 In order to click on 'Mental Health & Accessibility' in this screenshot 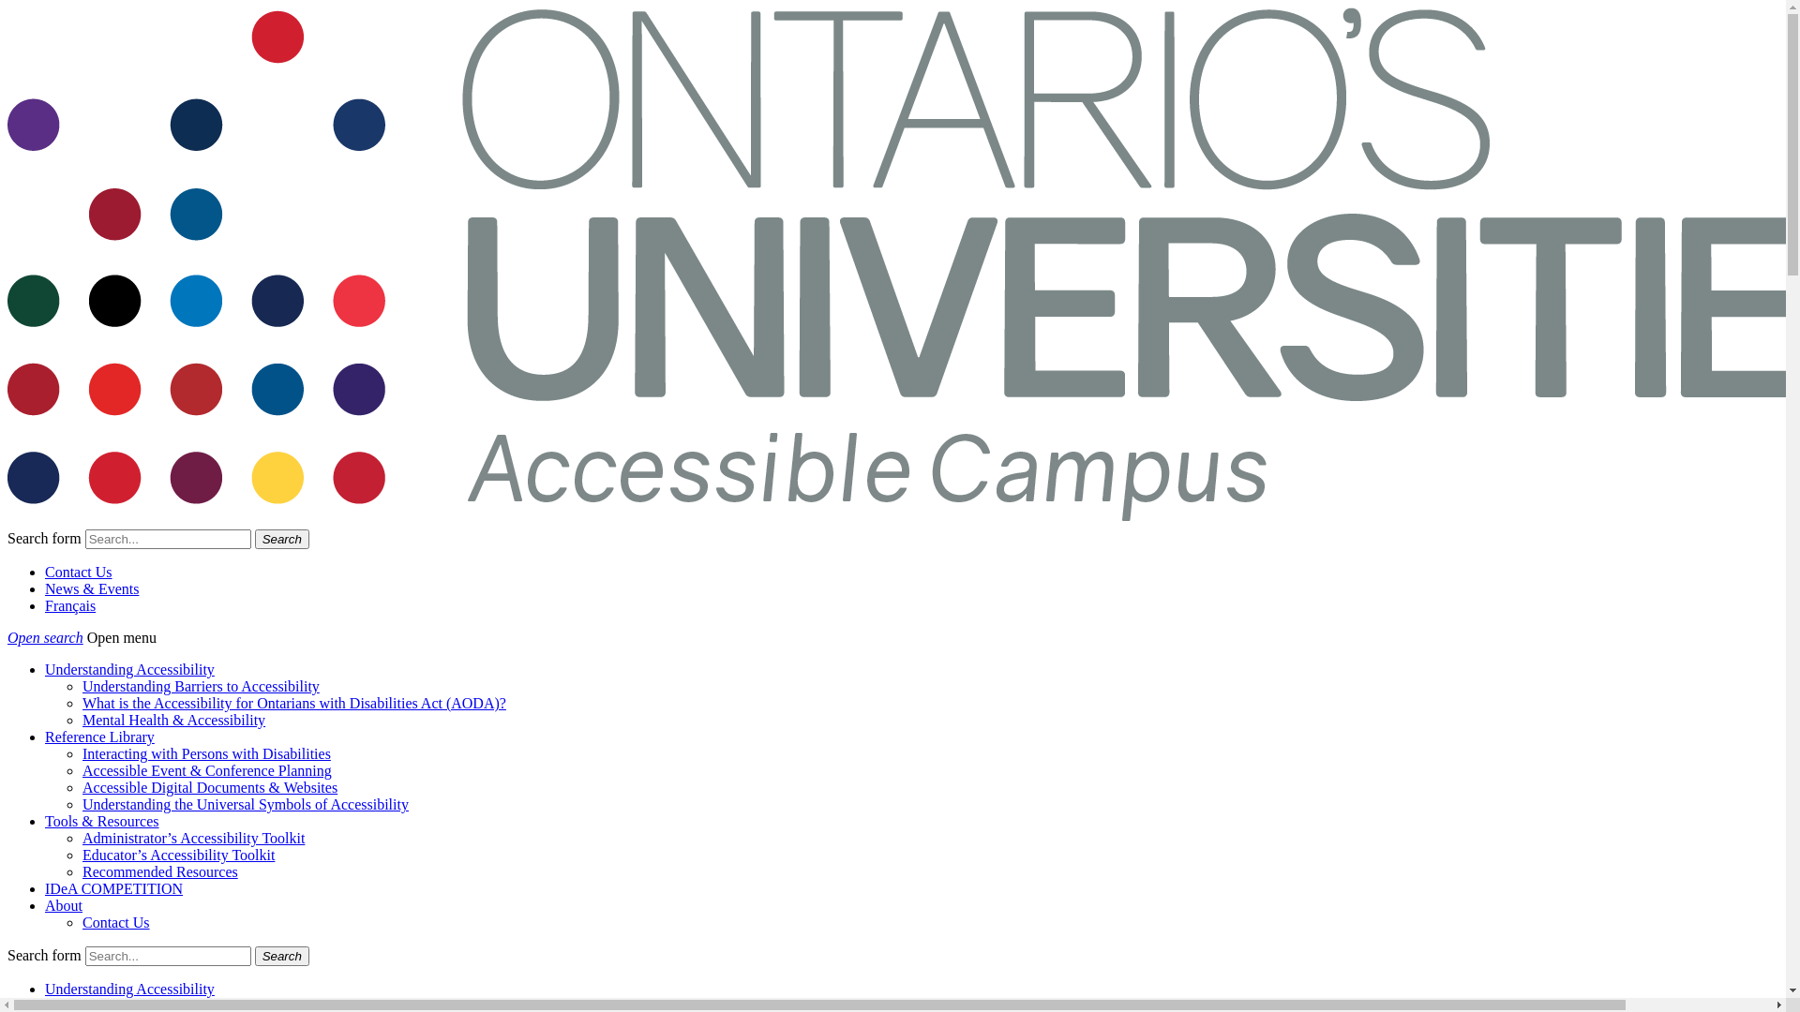, I will do `click(173, 719)`.